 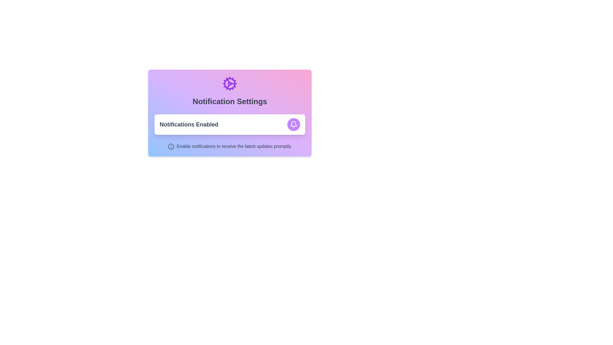 I want to click on the informational text that reads 'Enable notifications to receive the latest updates promptly.' located at the bottom of the notification settings card, so click(x=234, y=146).